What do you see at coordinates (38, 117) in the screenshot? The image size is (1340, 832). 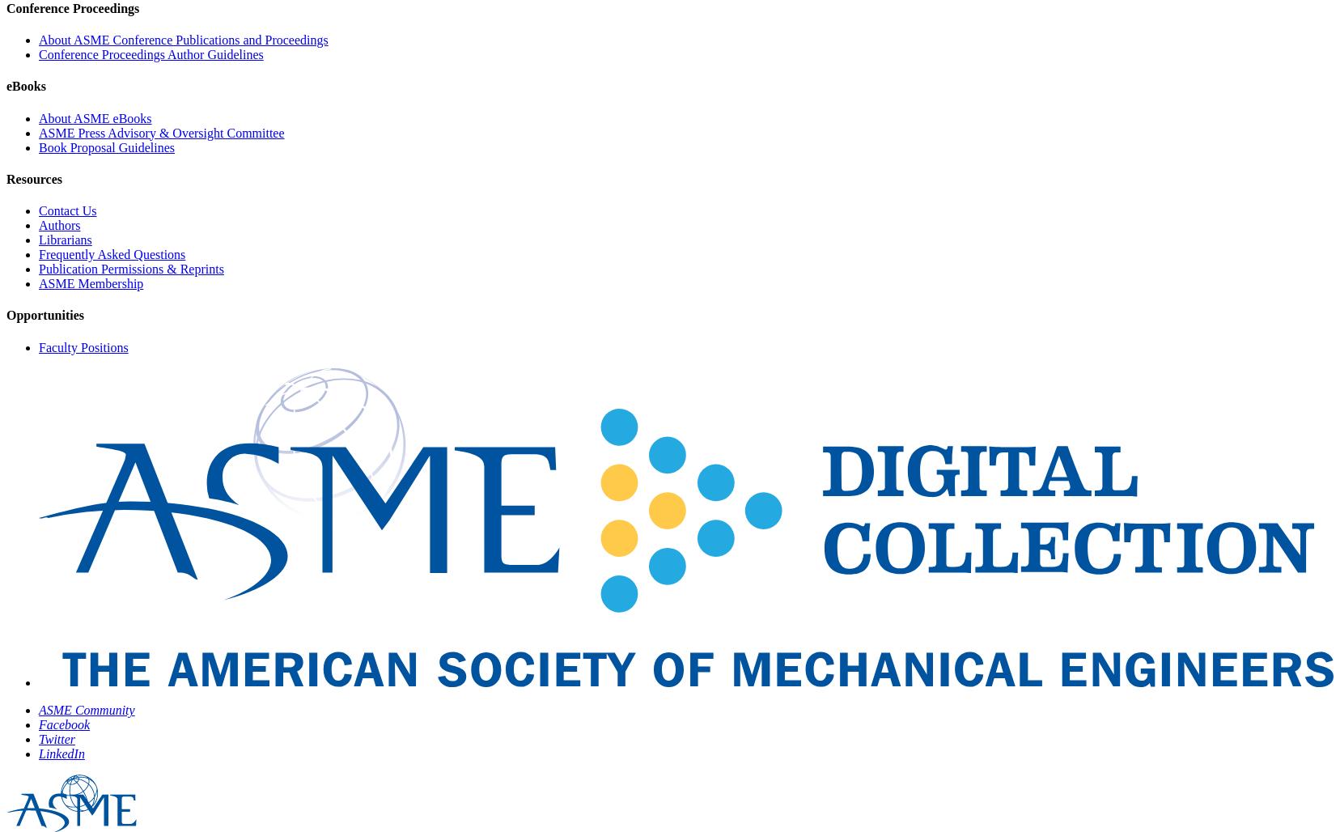 I see `'About ASME eBooks'` at bounding box center [38, 117].